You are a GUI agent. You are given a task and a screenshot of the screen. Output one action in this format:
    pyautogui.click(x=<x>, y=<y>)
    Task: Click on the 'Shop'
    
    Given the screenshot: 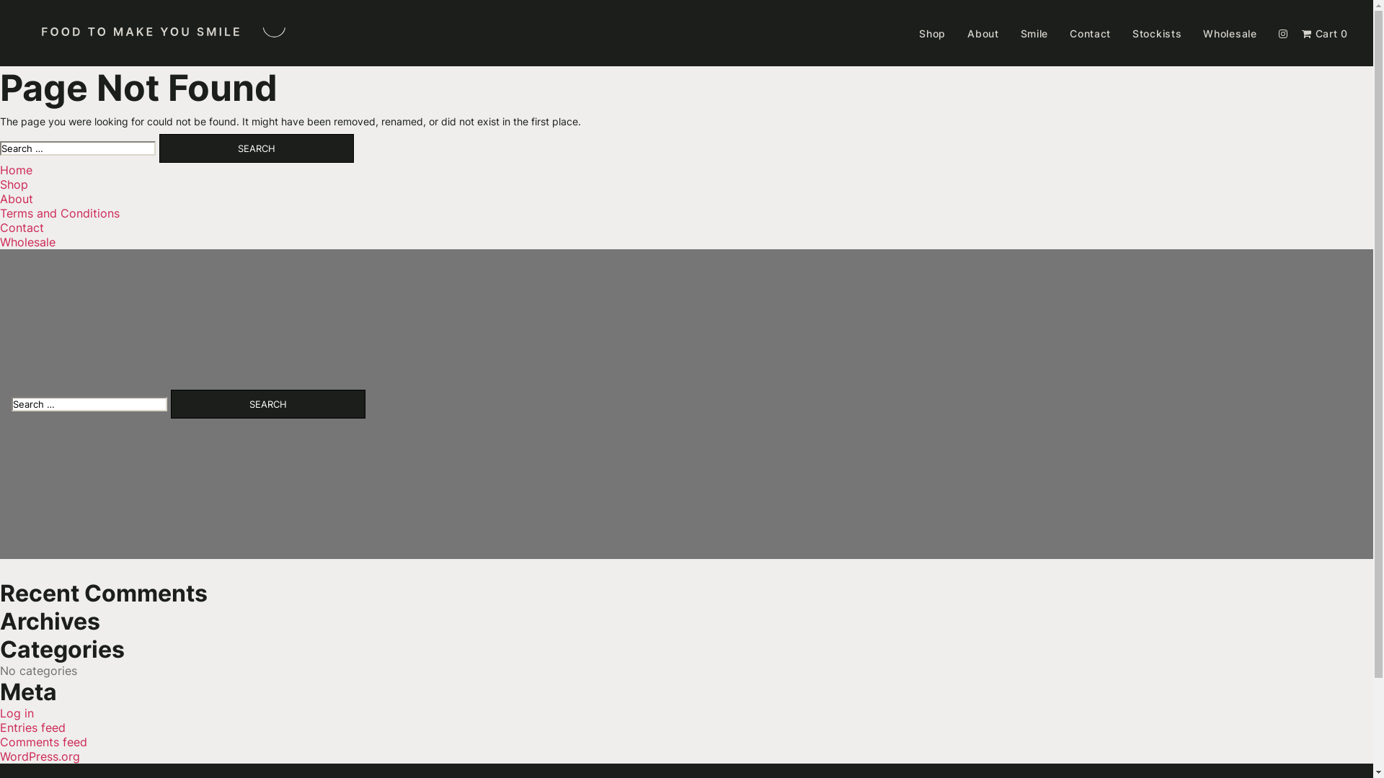 What is the action you would take?
    pyautogui.click(x=932, y=32)
    